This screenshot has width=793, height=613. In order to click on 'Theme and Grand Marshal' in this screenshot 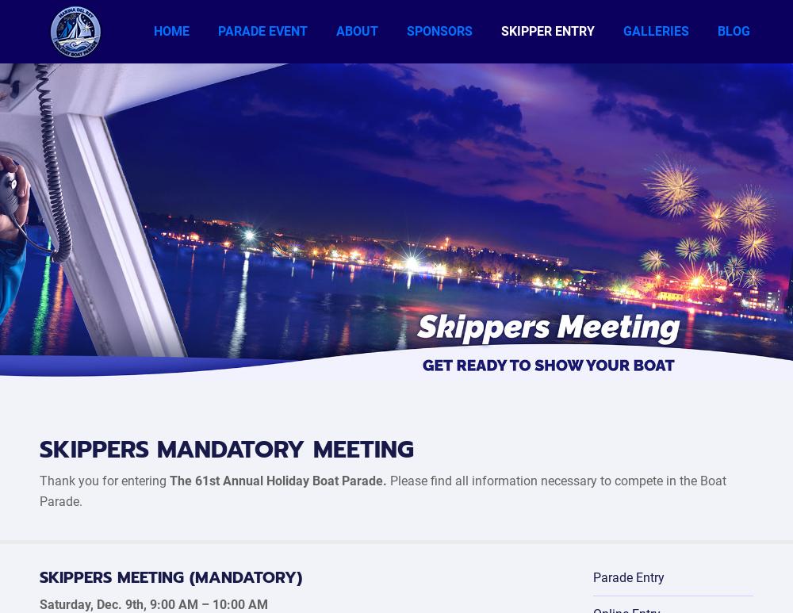, I will do `click(398, 109)`.